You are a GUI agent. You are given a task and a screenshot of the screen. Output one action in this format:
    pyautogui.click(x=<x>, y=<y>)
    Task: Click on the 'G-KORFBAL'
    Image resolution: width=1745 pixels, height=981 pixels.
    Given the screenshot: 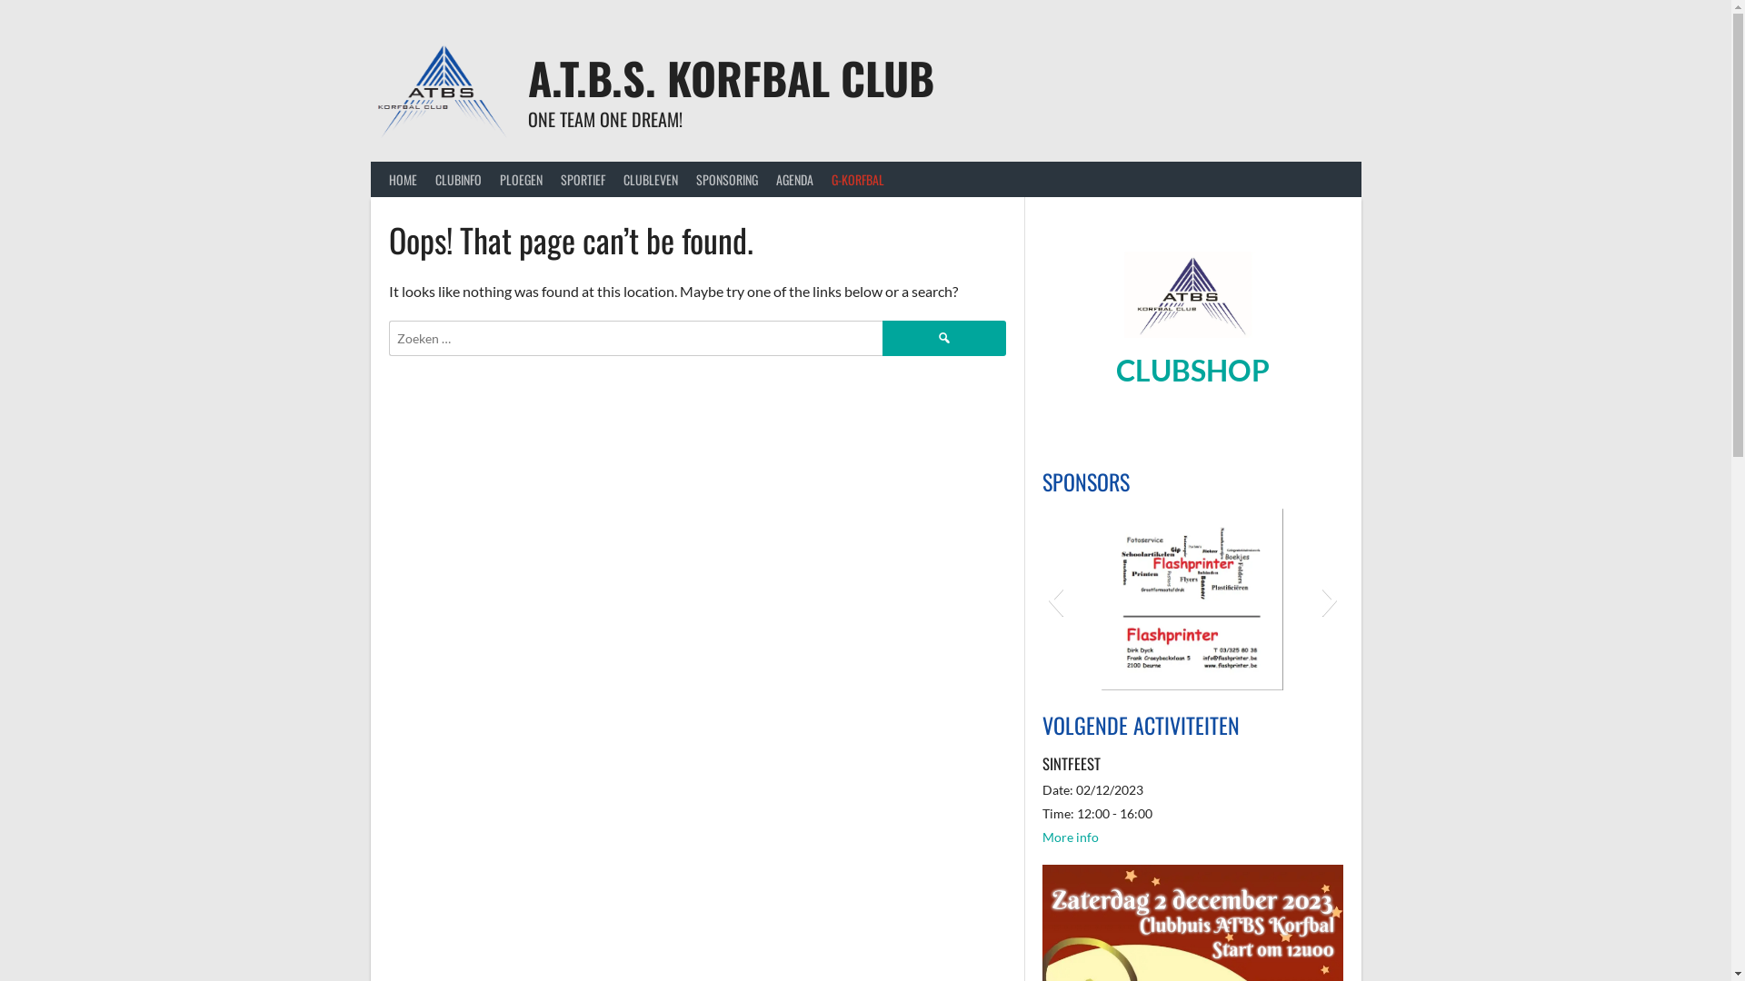 What is the action you would take?
    pyautogui.click(x=855, y=179)
    